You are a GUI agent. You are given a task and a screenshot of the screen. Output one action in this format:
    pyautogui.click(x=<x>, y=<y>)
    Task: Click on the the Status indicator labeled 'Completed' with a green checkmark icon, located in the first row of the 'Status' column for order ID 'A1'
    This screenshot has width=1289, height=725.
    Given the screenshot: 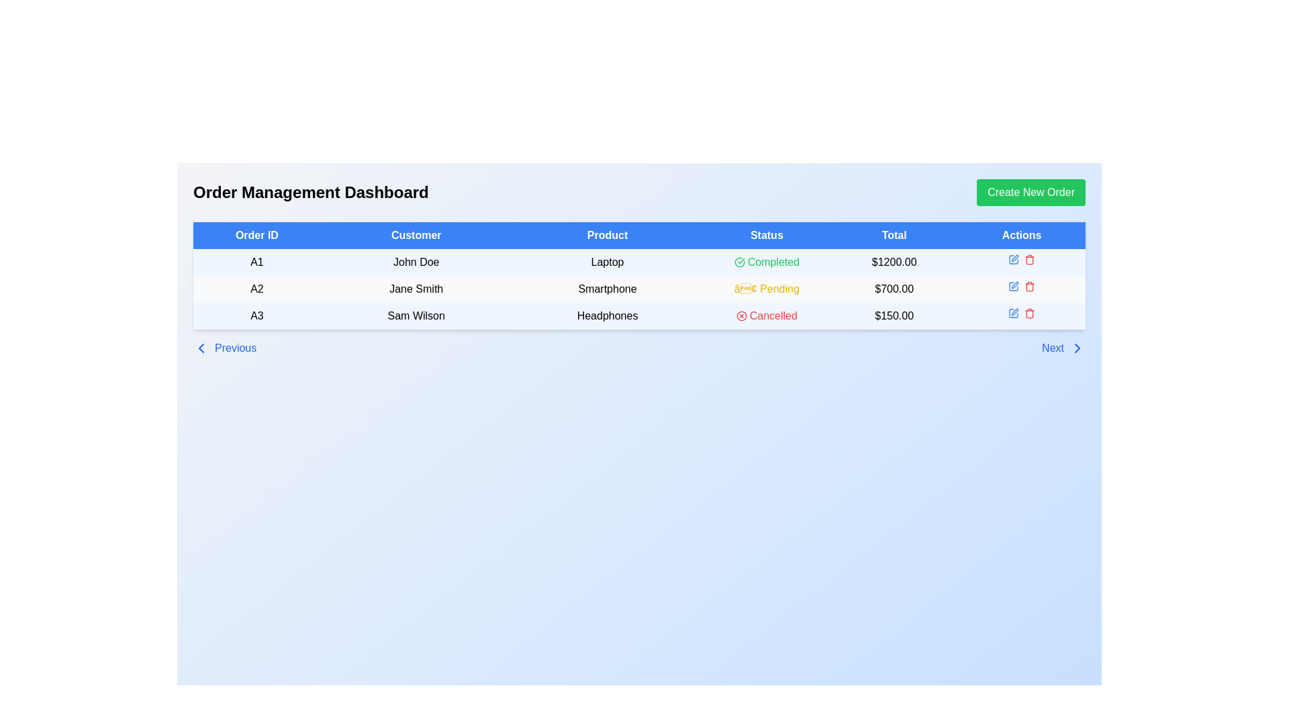 What is the action you would take?
    pyautogui.click(x=767, y=262)
    